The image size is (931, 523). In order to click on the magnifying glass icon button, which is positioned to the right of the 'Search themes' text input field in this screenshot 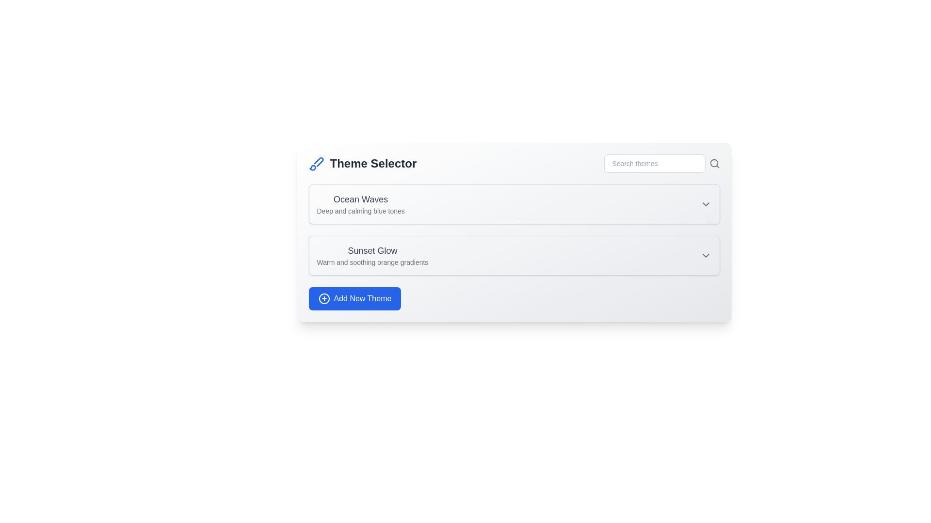, I will do `click(714, 163)`.